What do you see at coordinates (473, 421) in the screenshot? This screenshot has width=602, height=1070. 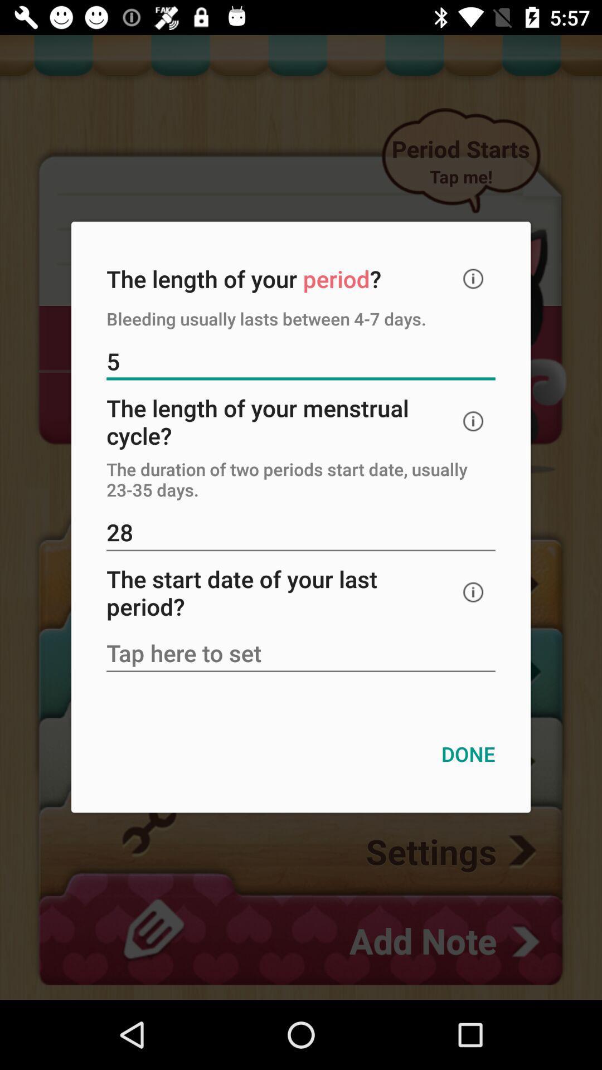 I see `info help` at bounding box center [473, 421].